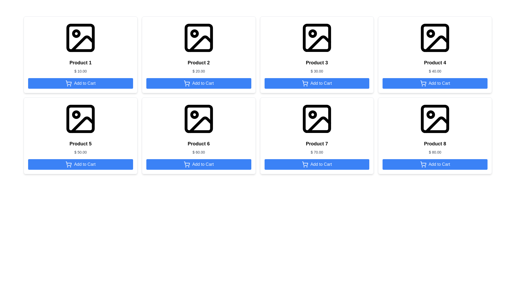  I want to click on text displayed in the monetary price label located within the third product card on the top row, directly below the product title, so click(317, 71).